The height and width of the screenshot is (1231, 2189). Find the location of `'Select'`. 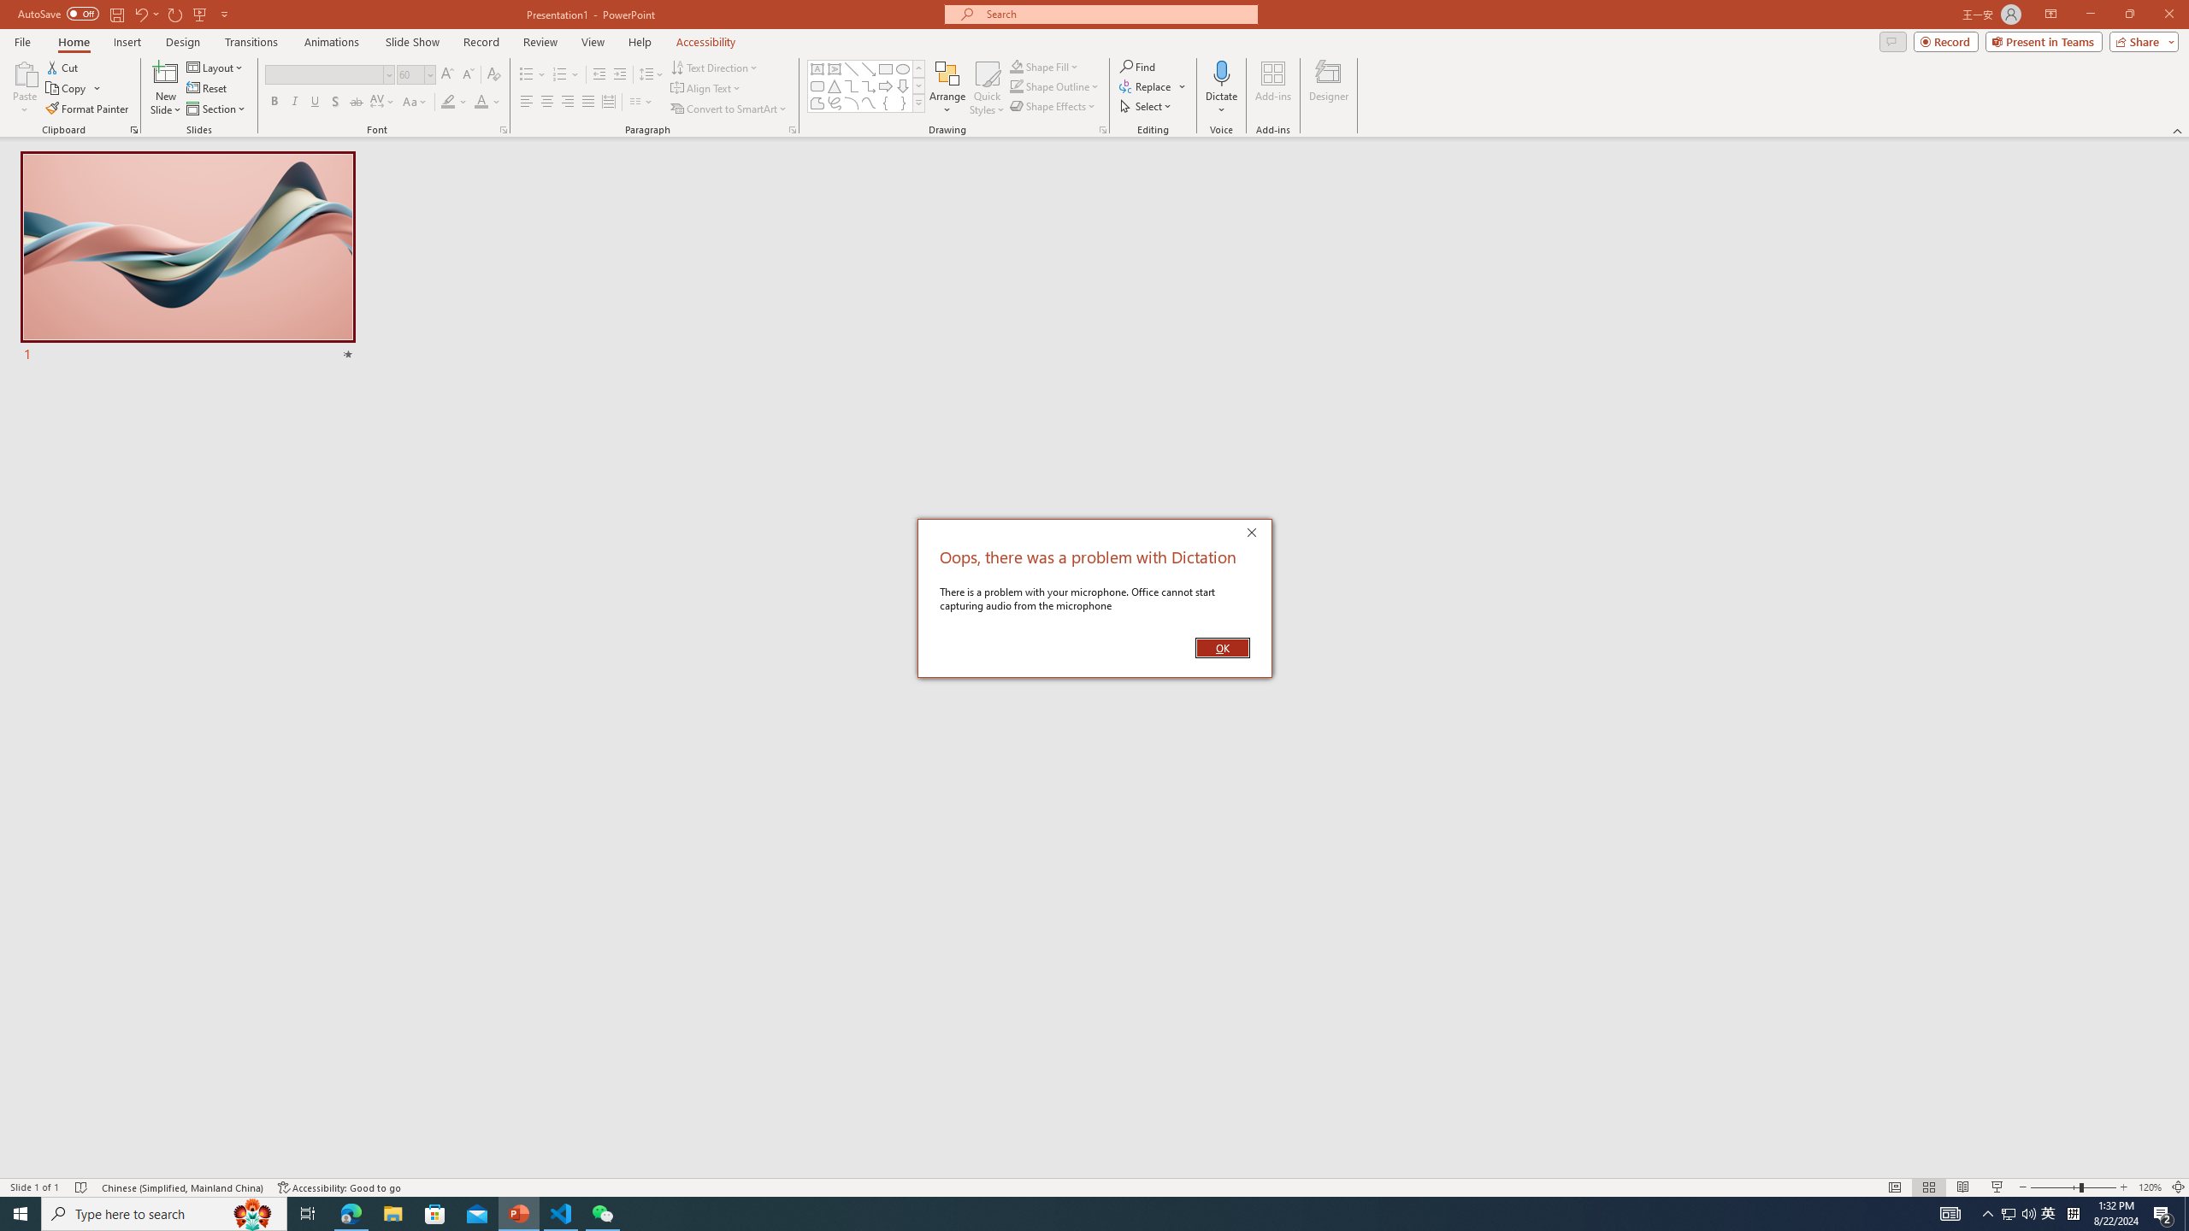

'Select' is located at coordinates (1147, 104).